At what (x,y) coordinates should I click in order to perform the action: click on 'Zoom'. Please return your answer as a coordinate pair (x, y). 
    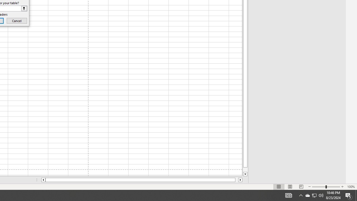
    Looking at the image, I should click on (326, 187).